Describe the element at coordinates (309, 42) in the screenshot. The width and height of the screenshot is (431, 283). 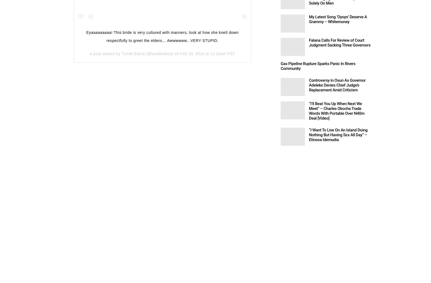
I see `'Falana Calls For Review of Court Judgment Sacking Three Governors'` at that location.